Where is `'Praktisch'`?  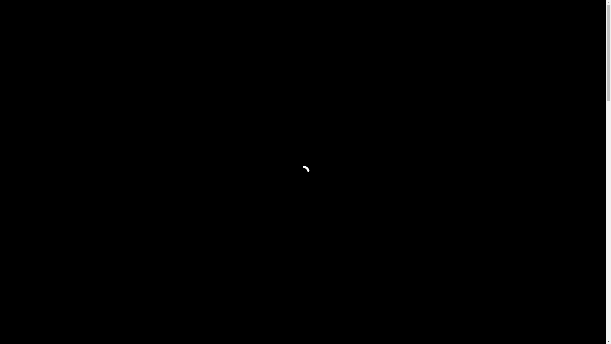 'Praktisch' is located at coordinates (438, 15).